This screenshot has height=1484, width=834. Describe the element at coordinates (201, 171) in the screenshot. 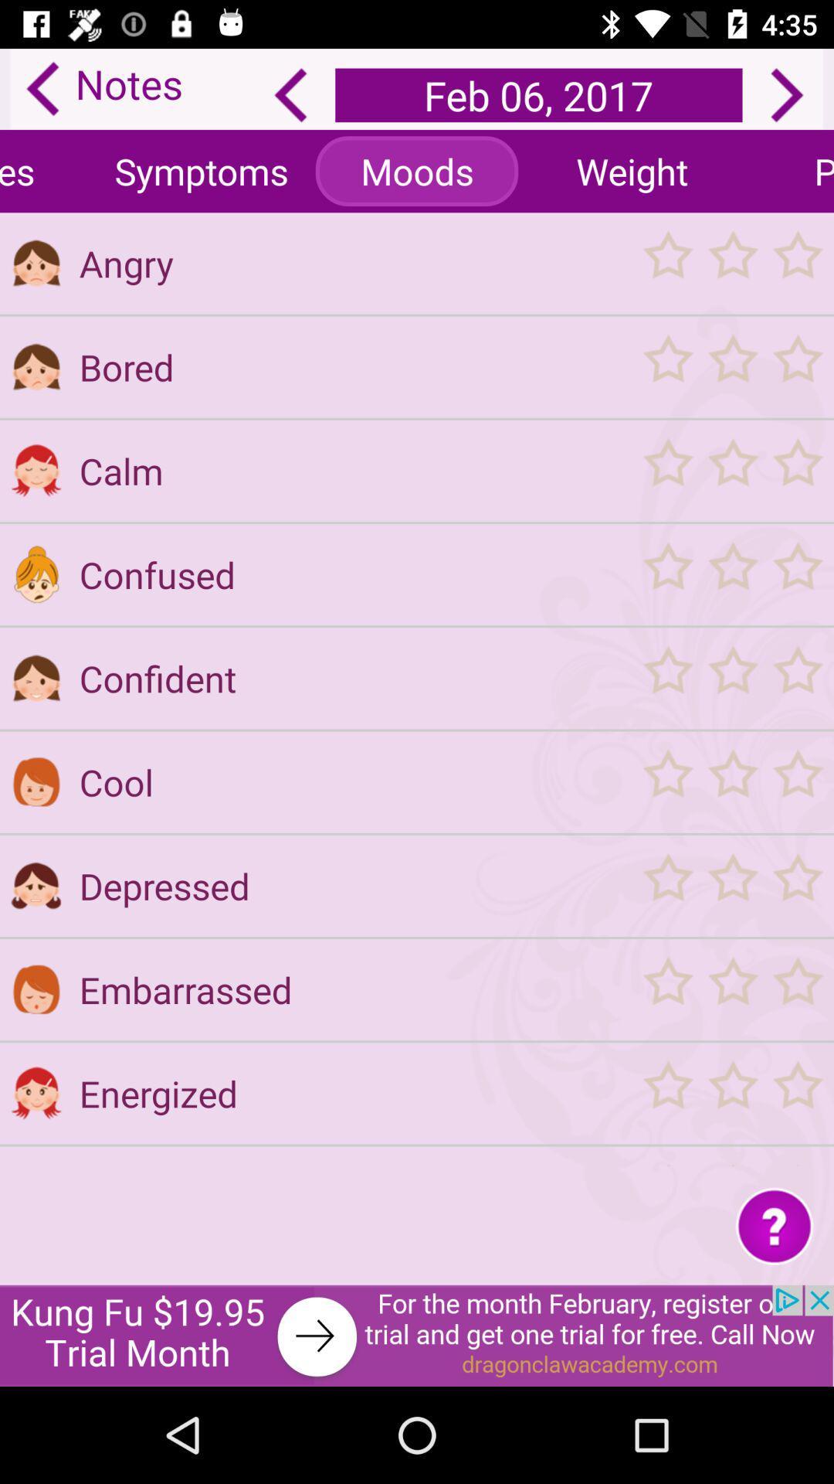

I see `option symptoms on a page` at that location.